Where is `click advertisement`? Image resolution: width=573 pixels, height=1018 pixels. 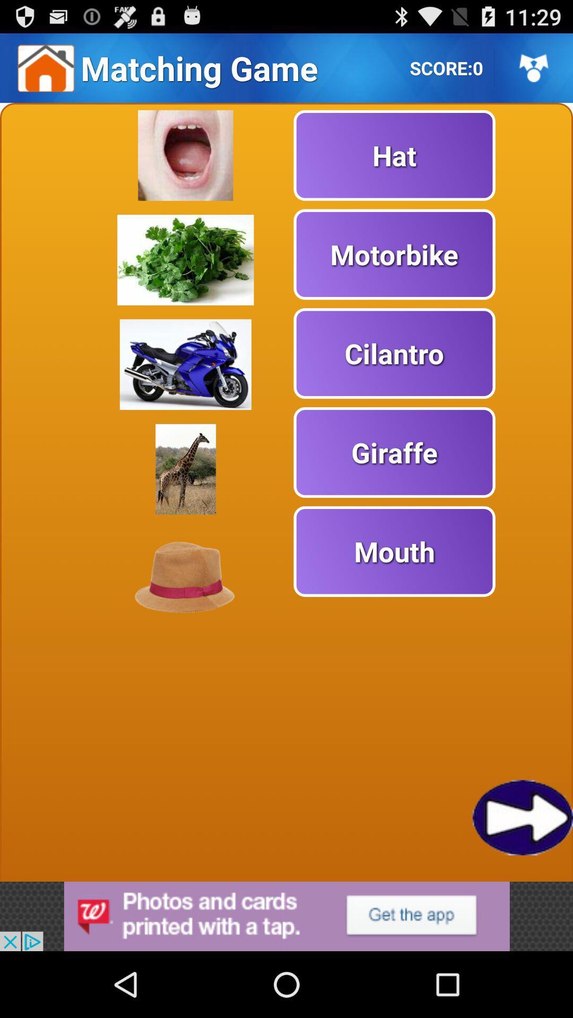 click advertisement is located at coordinates (286, 916).